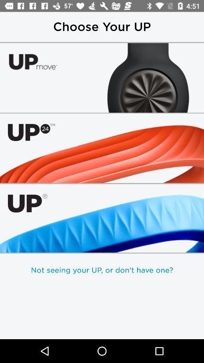 Image resolution: width=204 pixels, height=363 pixels. Describe the element at coordinates (102, 270) in the screenshot. I see `the not seeing your icon` at that location.